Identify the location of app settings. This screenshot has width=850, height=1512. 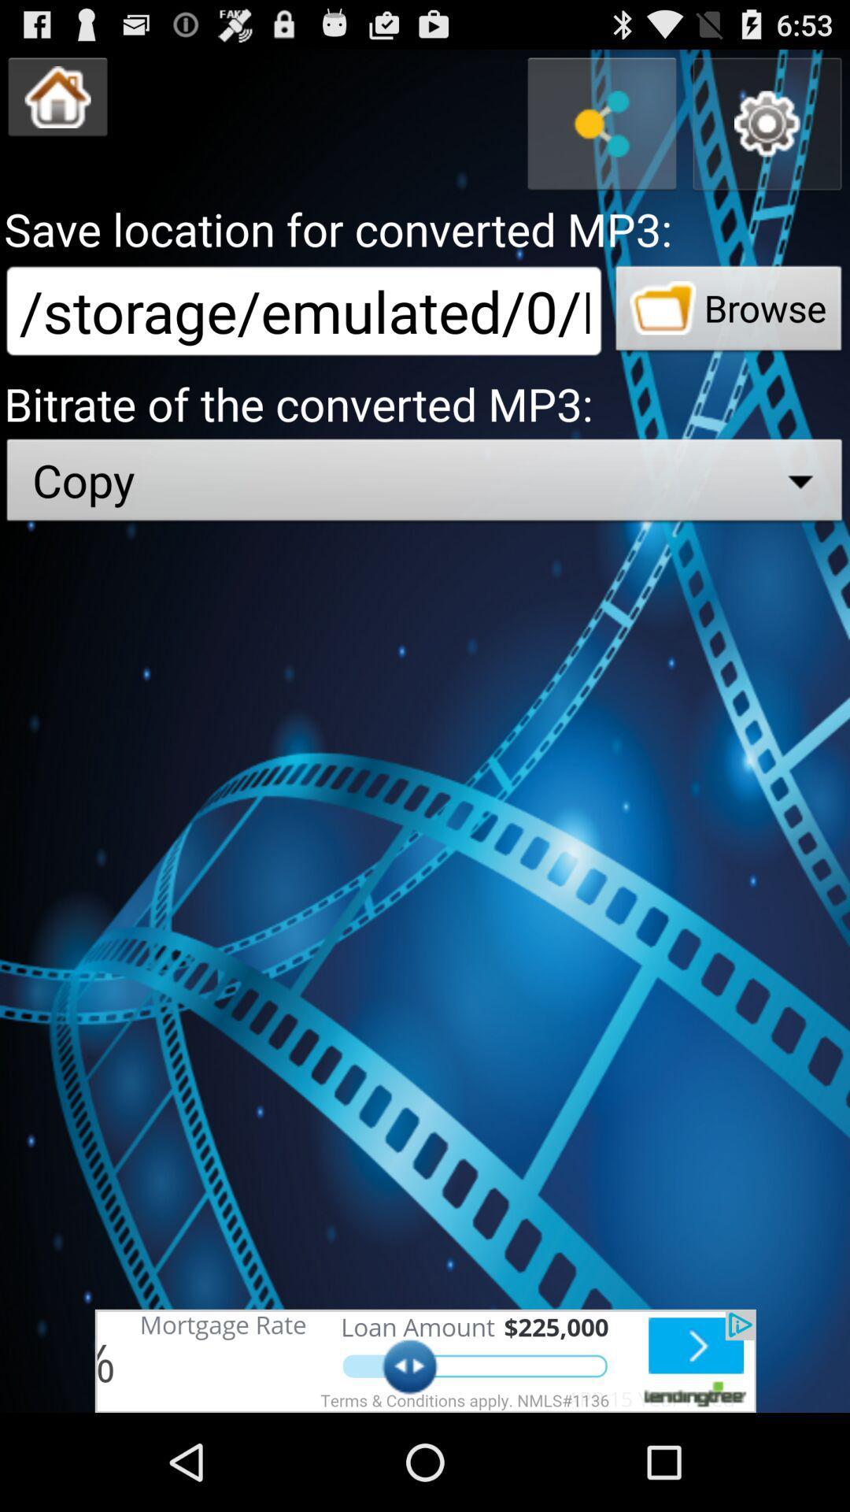
(767, 123).